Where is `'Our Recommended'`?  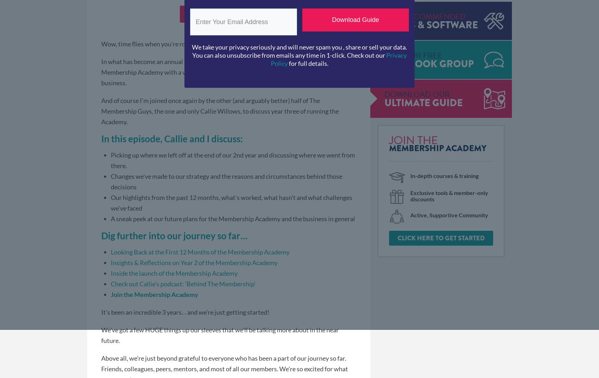 'Our Recommended' is located at coordinates (425, 16).